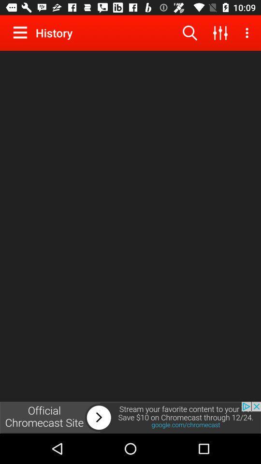  Describe the element at coordinates (22, 32) in the screenshot. I see `the file of the history` at that location.